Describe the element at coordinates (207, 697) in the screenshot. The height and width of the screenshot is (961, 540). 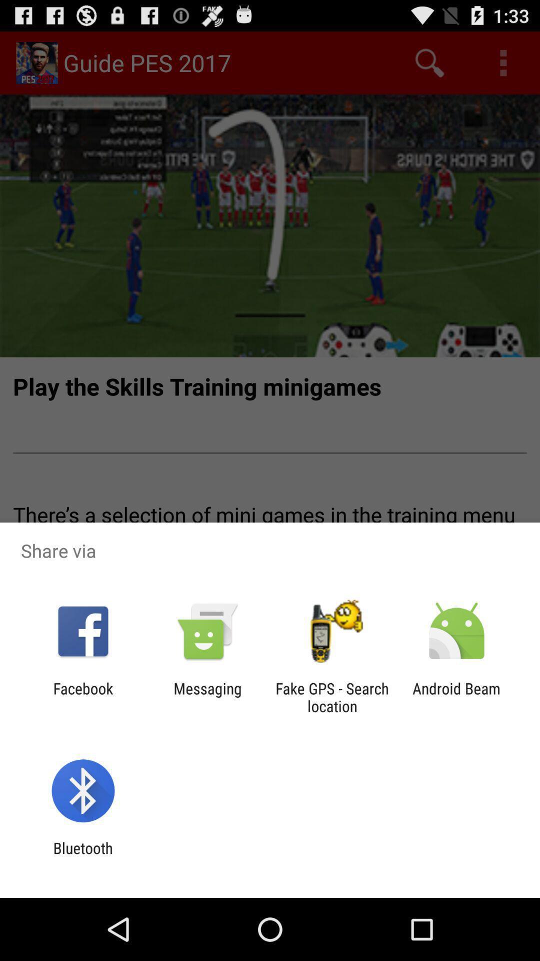
I see `messaging` at that location.